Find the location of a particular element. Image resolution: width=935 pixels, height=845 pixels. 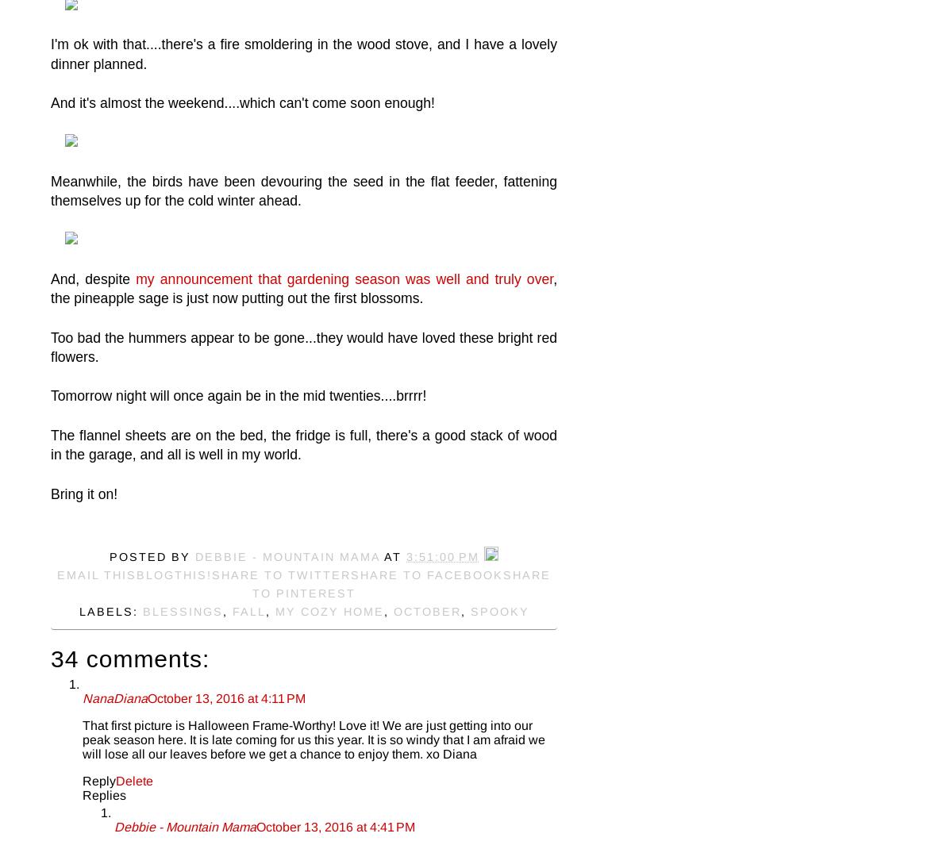

'And, despite' is located at coordinates (92, 278).